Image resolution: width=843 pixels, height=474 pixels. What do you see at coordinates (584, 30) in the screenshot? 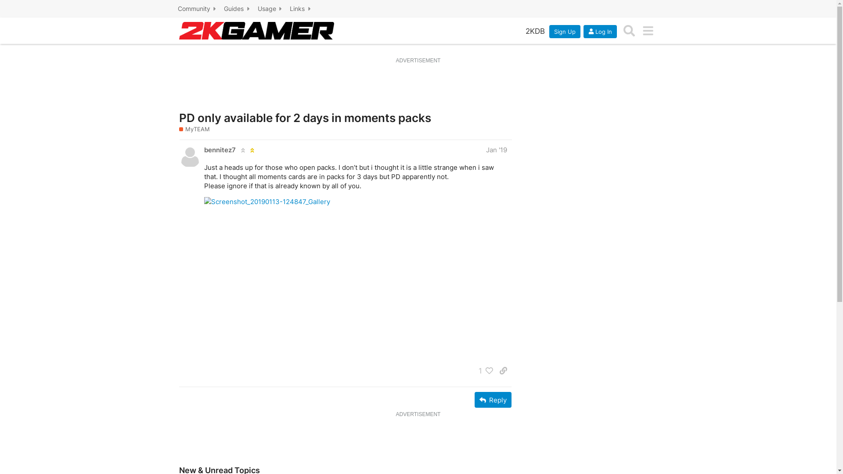
I see `'Log In'` at bounding box center [584, 30].